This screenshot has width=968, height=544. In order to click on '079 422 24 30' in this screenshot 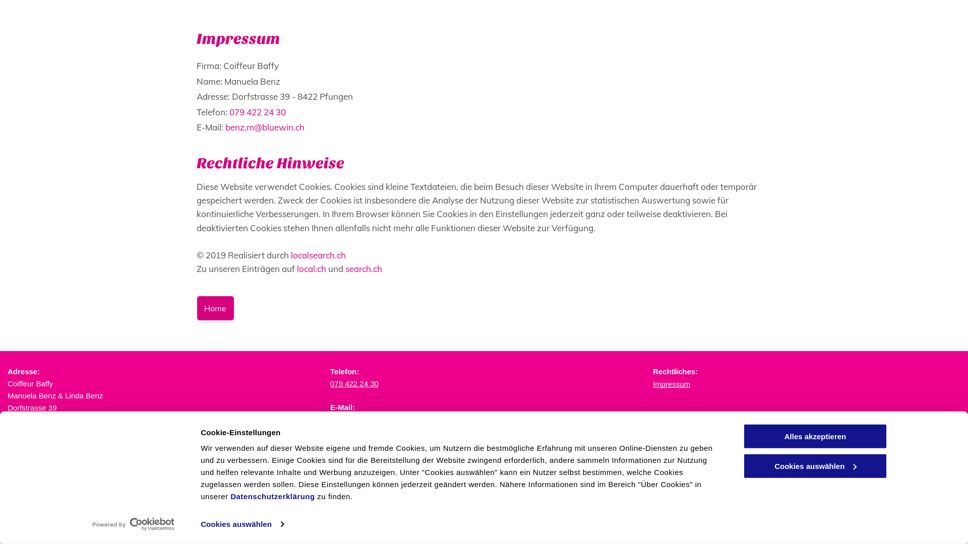, I will do `click(330, 383)`.